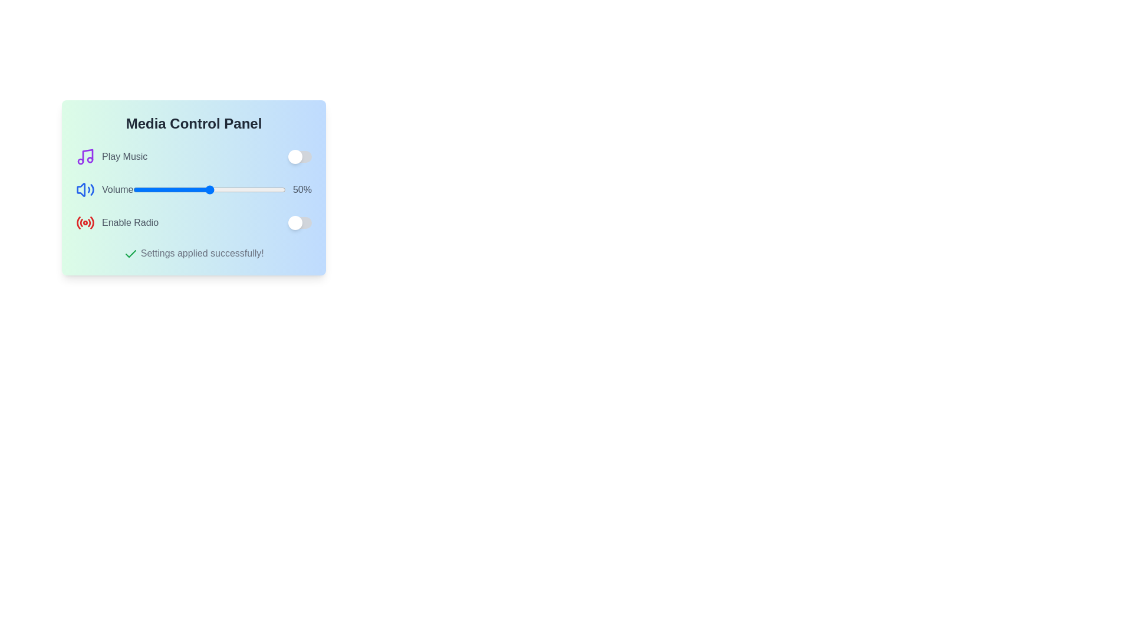 Image resolution: width=1132 pixels, height=637 pixels. Describe the element at coordinates (131, 253) in the screenshot. I see `the confirmation icon located in the lower-right corner of the notification area, adjacent to the text 'Settings applied successfully!'` at that location.